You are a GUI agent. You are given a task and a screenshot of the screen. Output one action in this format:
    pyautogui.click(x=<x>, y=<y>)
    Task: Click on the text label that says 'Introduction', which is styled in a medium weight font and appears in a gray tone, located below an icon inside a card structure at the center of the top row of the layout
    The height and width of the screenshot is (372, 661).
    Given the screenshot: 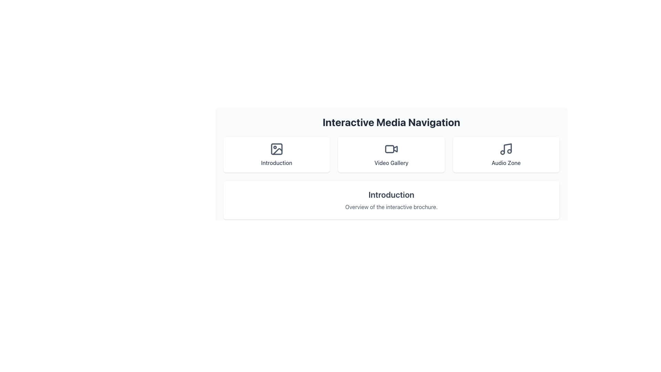 What is the action you would take?
    pyautogui.click(x=276, y=163)
    